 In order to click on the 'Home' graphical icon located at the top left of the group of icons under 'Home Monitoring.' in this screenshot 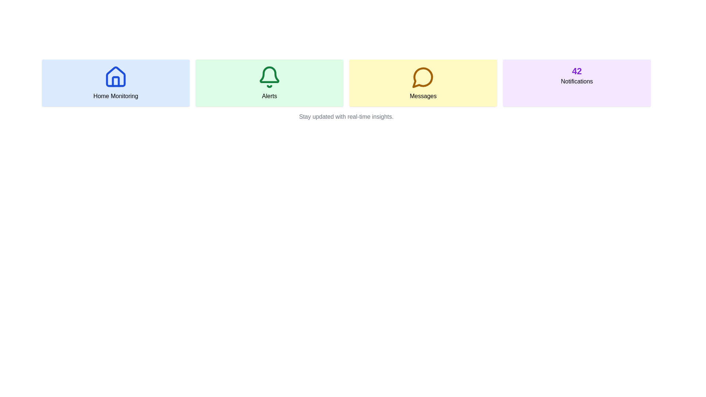, I will do `click(115, 76)`.